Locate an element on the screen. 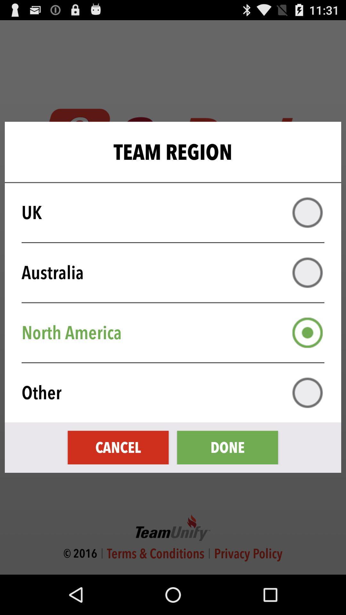 This screenshot has height=615, width=346. other item is located at coordinates (177, 392).